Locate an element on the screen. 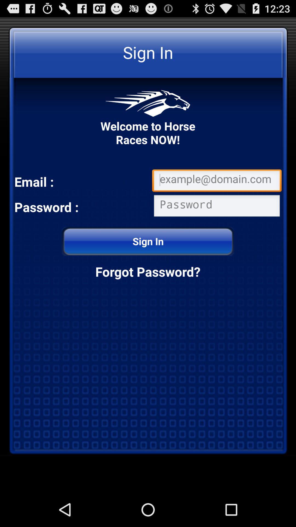 Image resolution: width=296 pixels, height=527 pixels. password text box is located at coordinates (217, 207).